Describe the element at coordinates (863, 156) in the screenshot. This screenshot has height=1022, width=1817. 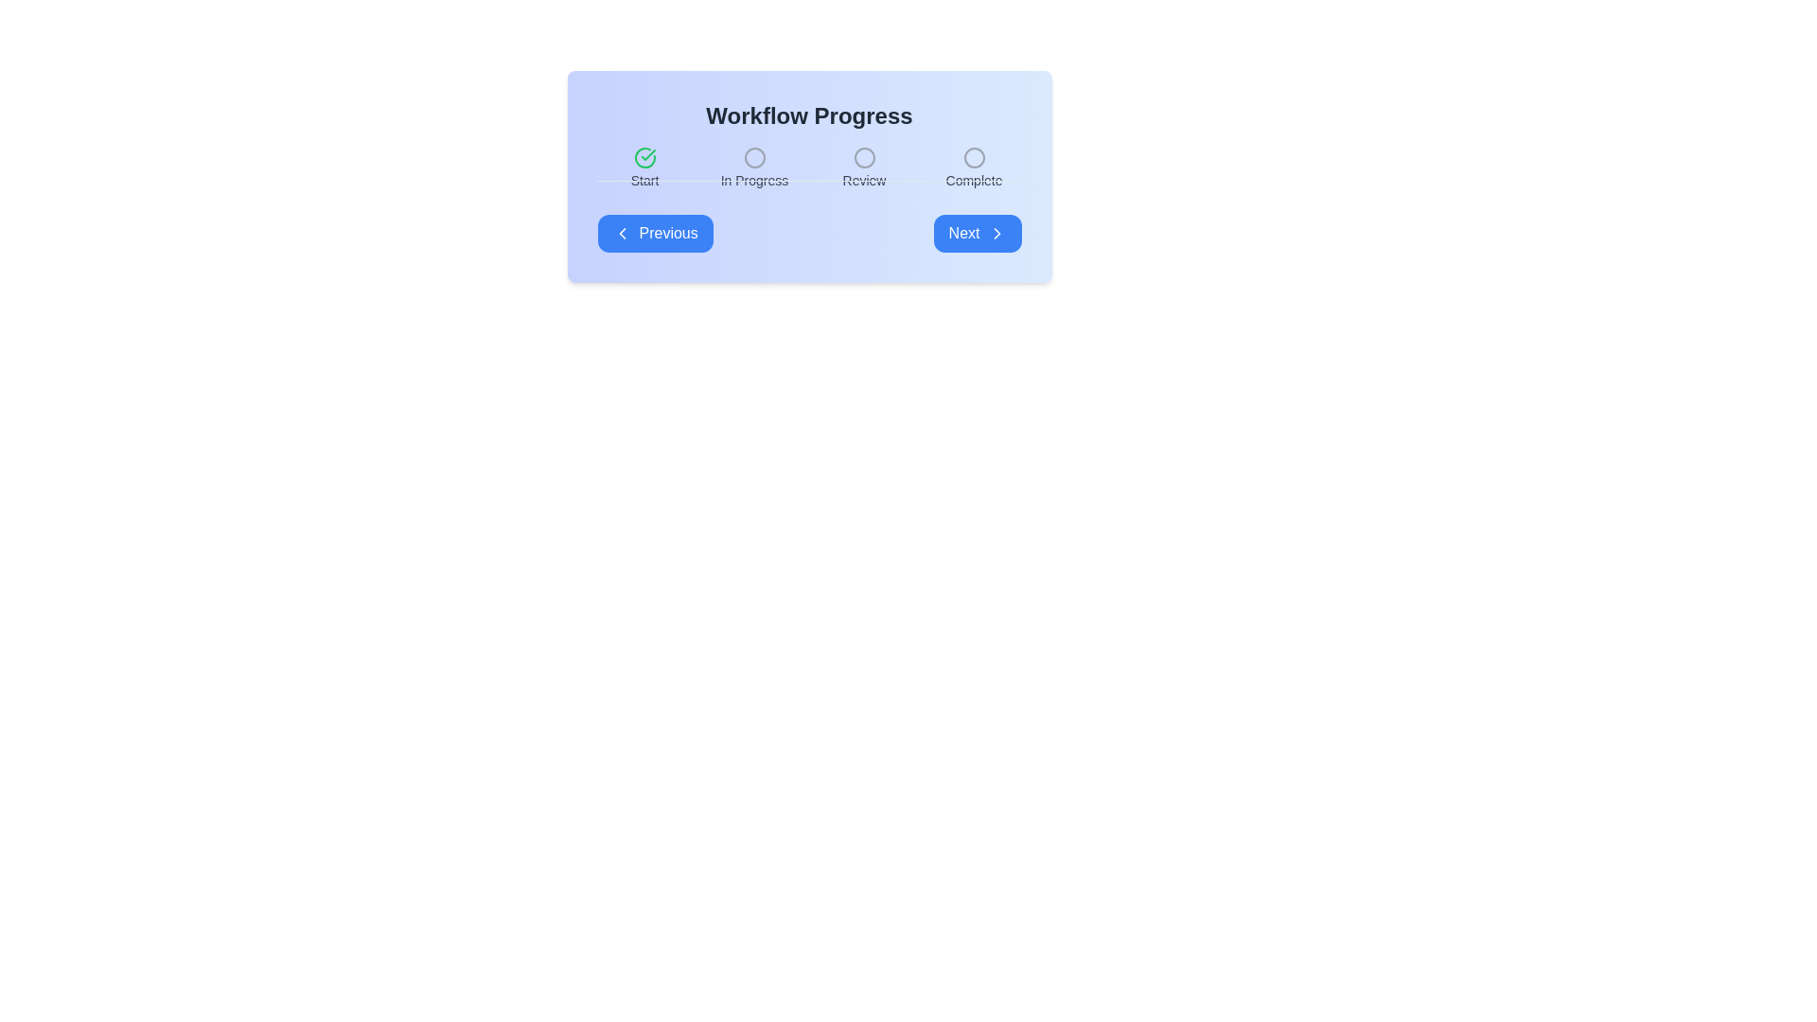
I see `the third circular marker in the workflow progress indicator labeled 'Review', which has a gray stroke and light gray fill` at that location.